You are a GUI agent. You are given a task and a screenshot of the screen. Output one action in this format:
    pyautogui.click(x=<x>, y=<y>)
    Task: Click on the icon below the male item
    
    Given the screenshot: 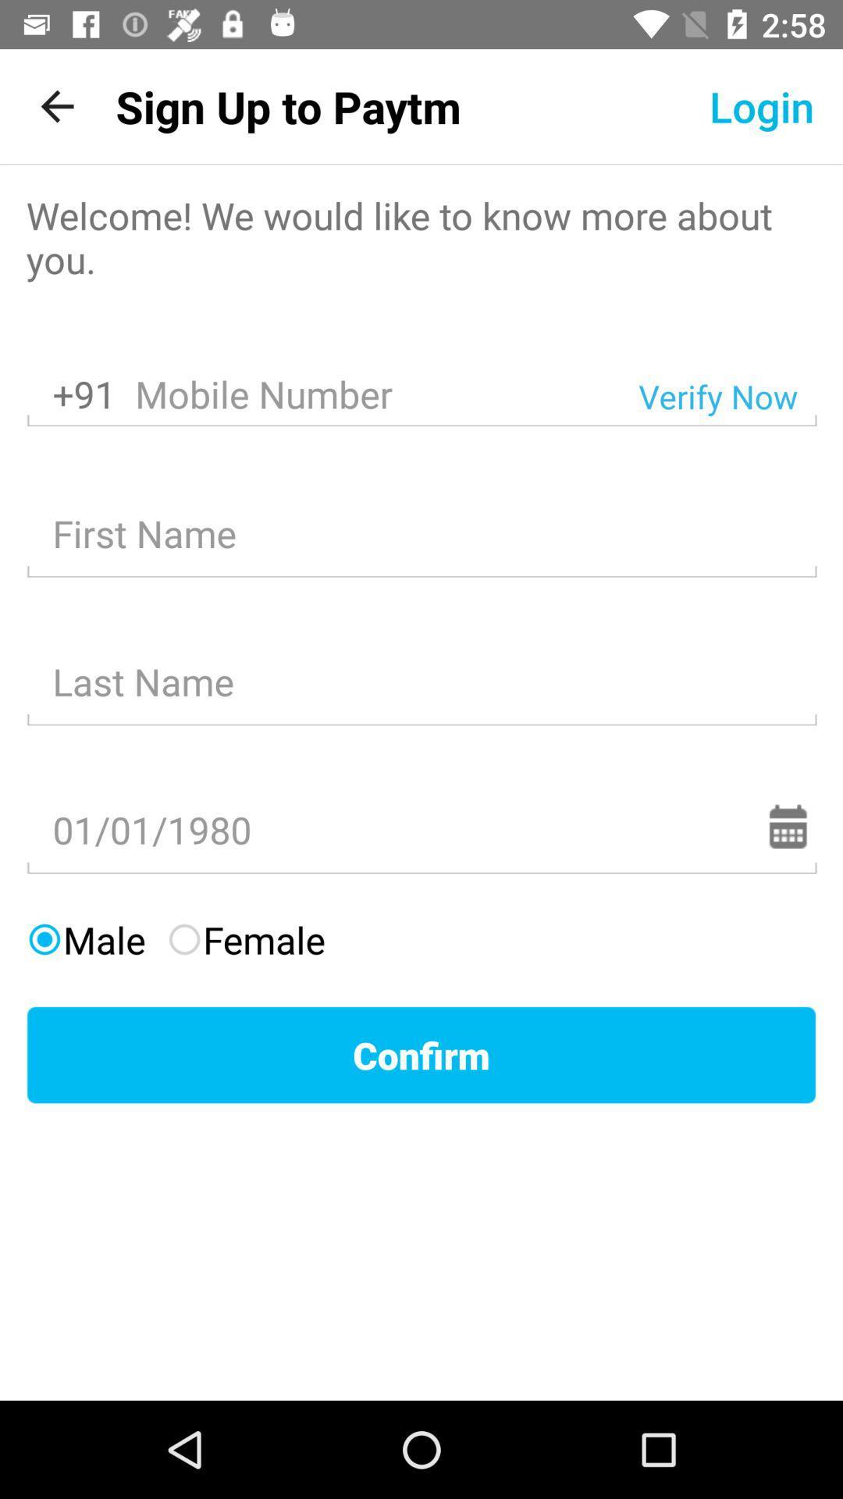 What is the action you would take?
    pyautogui.click(x=421, y=1055)
    